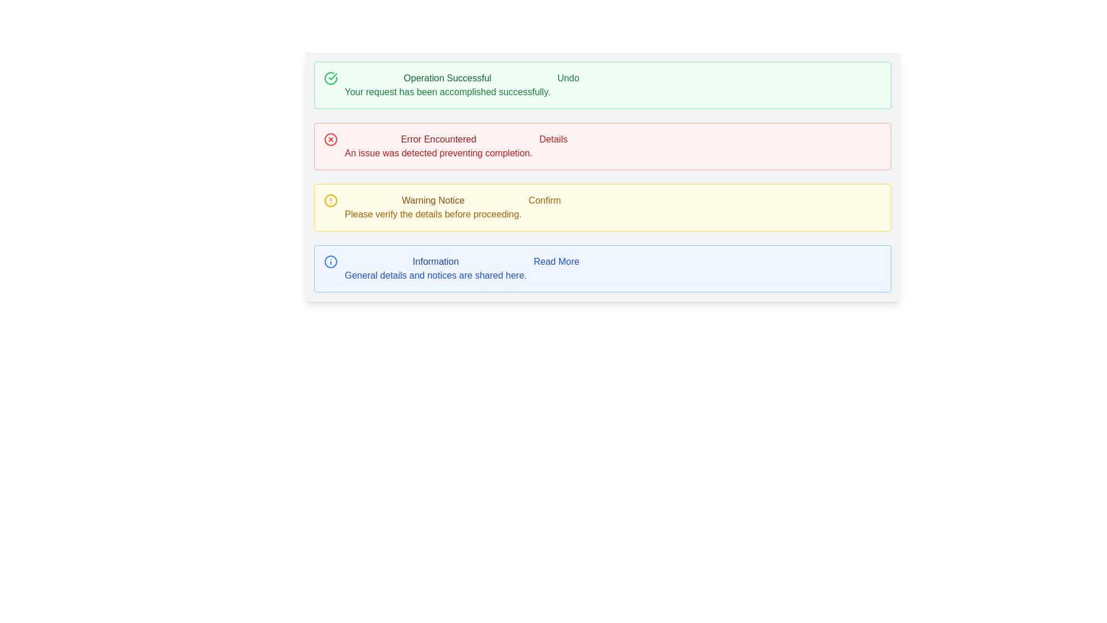  What do you see at coordinates (432, 214) in the screenshot?
I see `cautionary message displayed in the yellow notification panel directly below the title 'Warning Notice'` at bounding box center [432, 214].